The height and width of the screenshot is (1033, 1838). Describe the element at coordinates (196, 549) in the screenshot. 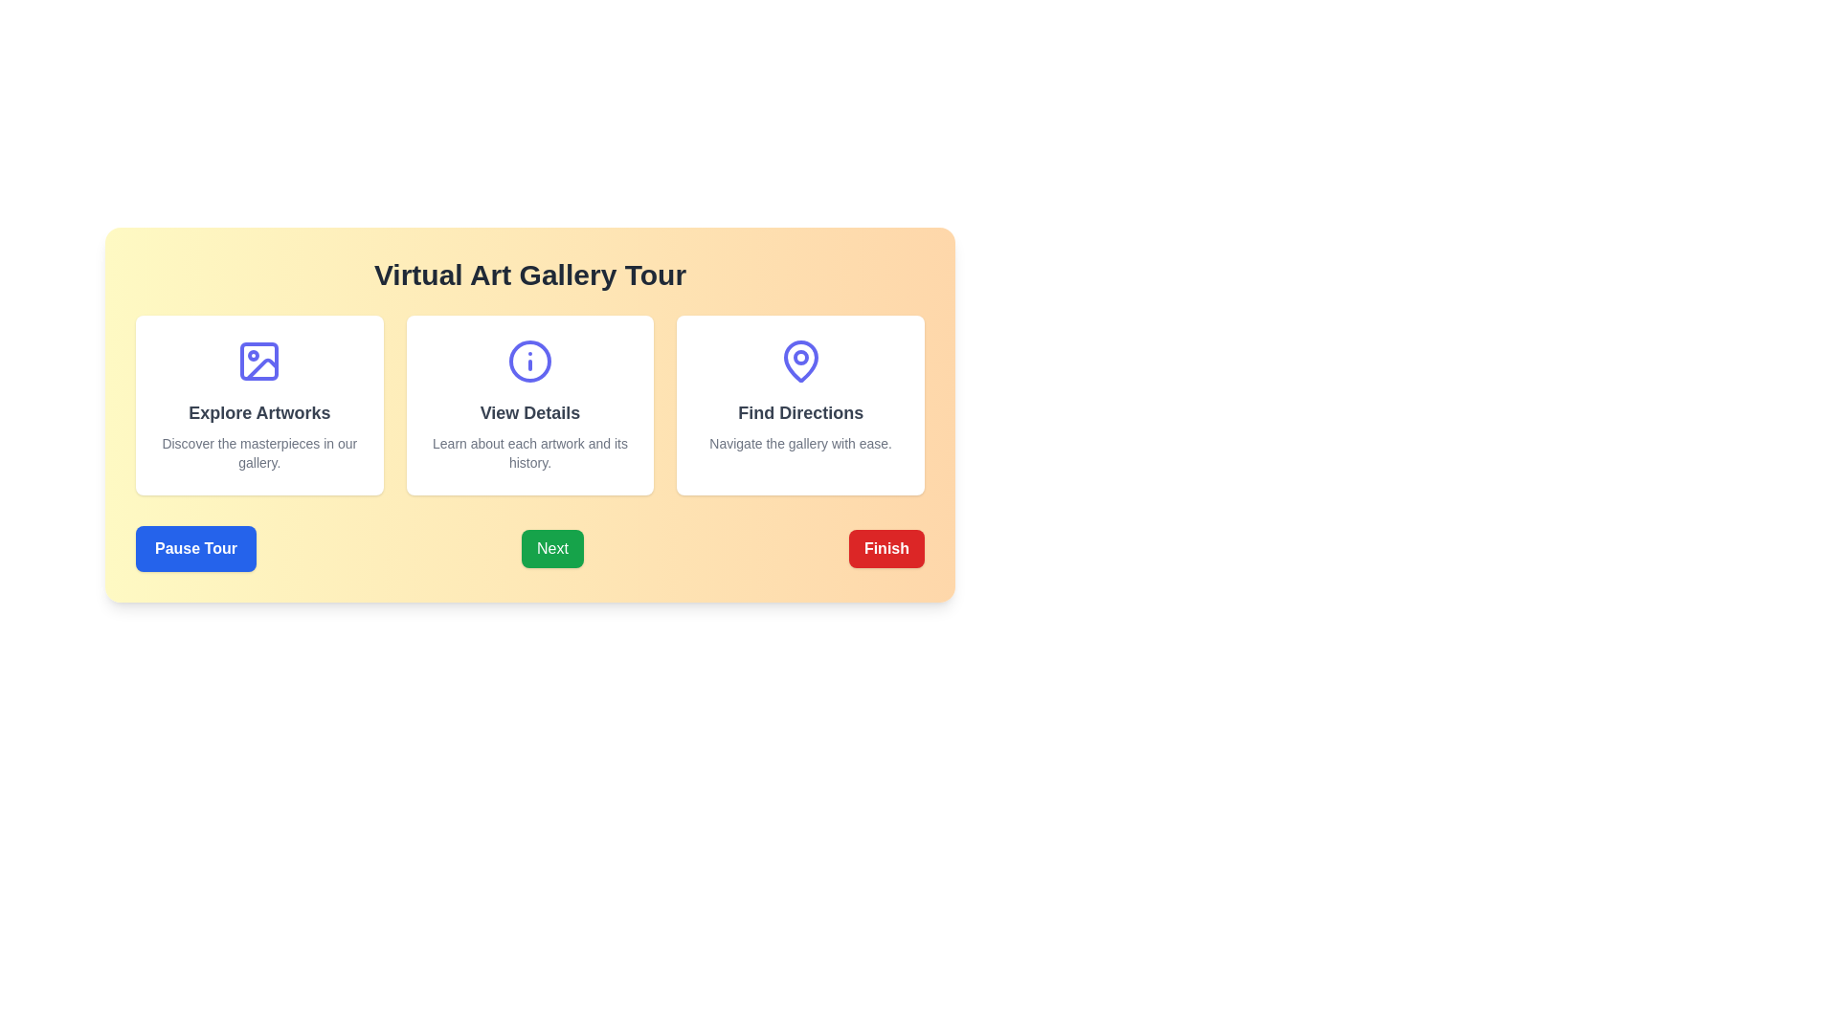

I see `the pause button located in the bottom-left corner of the button row` at that location.